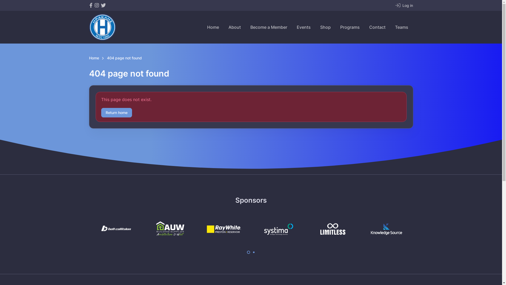  Describe the element at coordinates (304, 27) in the screenshot. I see `'Events'` at that location.